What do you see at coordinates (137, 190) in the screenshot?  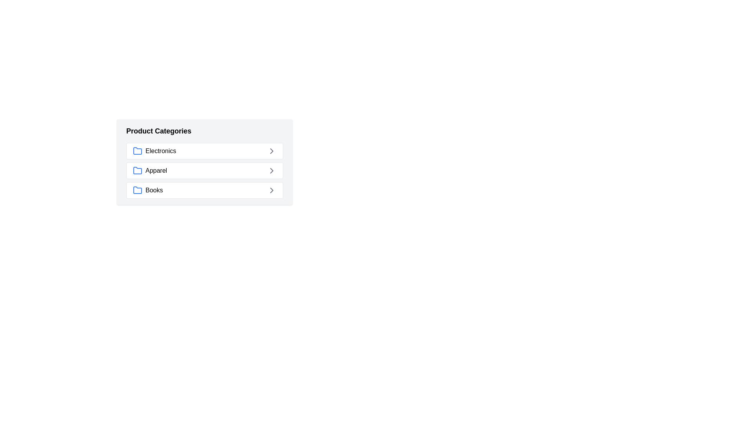 I see `the SVG-based folder icon that represents the 'Books' category in the Product Categories list` at bounding box center [137, 190].